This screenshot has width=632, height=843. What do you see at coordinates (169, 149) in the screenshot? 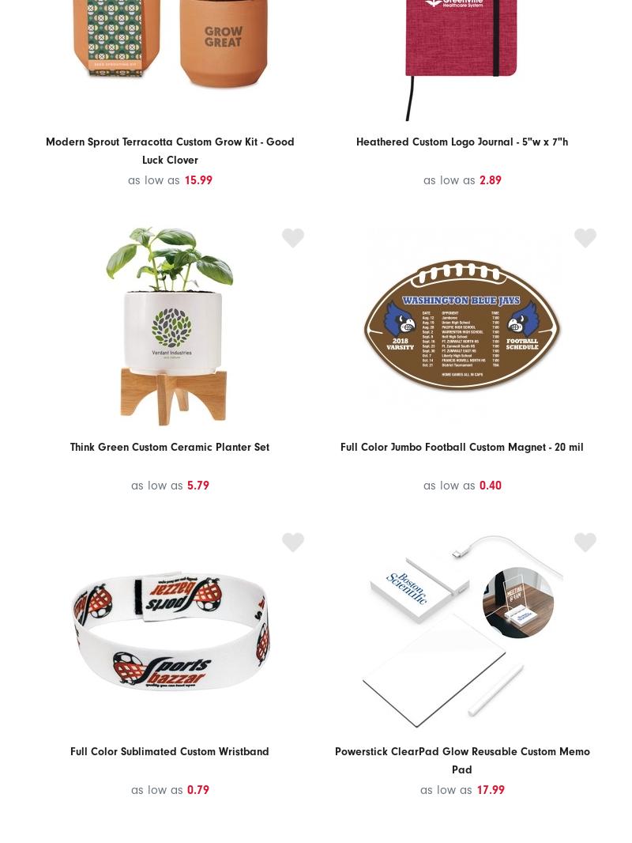
I see `'Modern Sprout Terracotta Custom Grow Kit - Good Luck Clover'` at bounding box center [169, 149].